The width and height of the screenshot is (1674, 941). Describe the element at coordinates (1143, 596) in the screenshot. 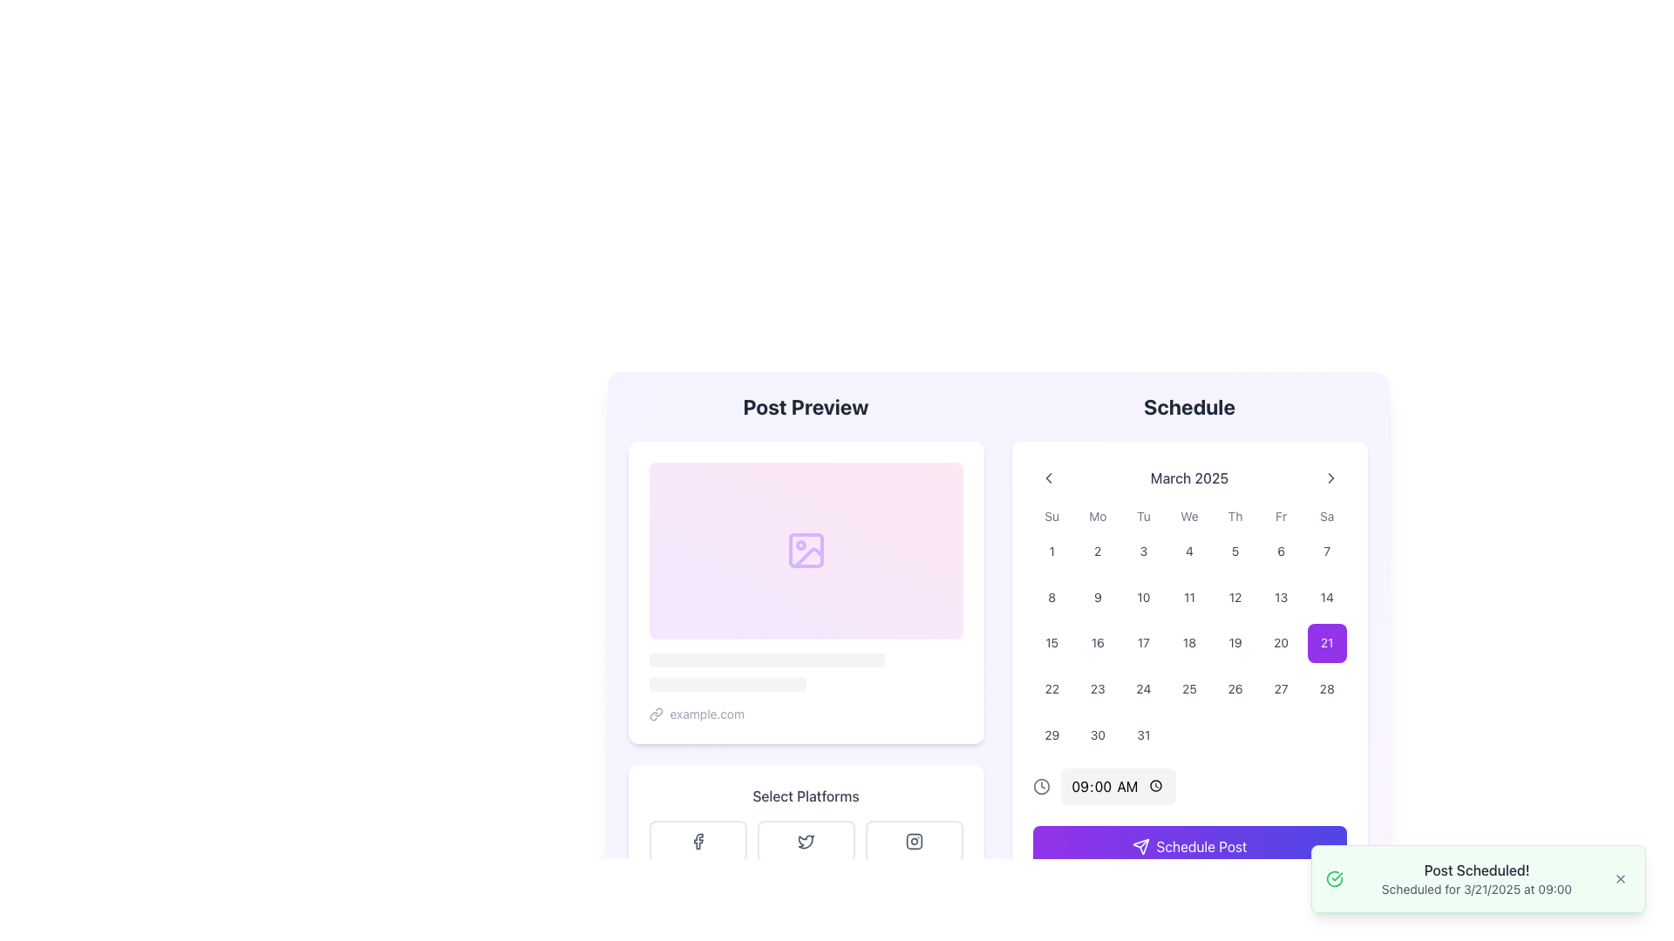

I see `the square button with a rounded border design displaying the number '10' in the center, located in the 'Schedule' section of the calendar grid` at that location.